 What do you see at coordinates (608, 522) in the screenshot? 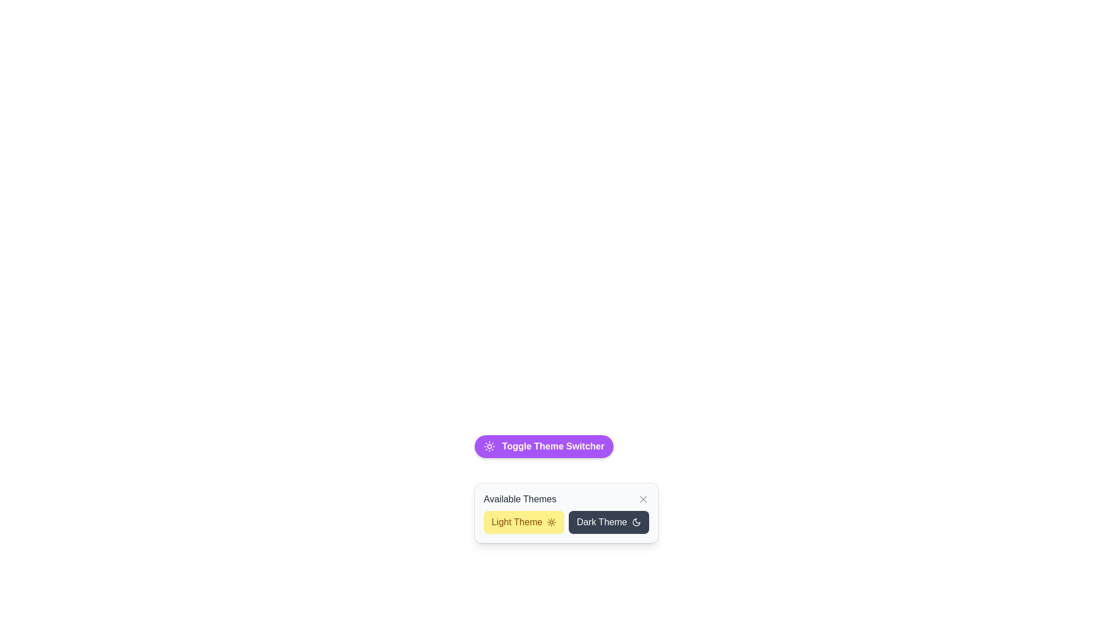
I see `the 'Dark Theme' button, which is the second button in the theme selection grid` at bounding box center [608, 522].